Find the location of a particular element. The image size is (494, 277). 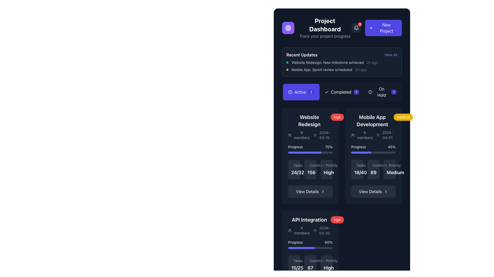

the 'High' text label, which is bold and capitalized, located at the bottom of the 'API Integration' informational card, to the right of the progress bar is located at coordinates (328, 268).